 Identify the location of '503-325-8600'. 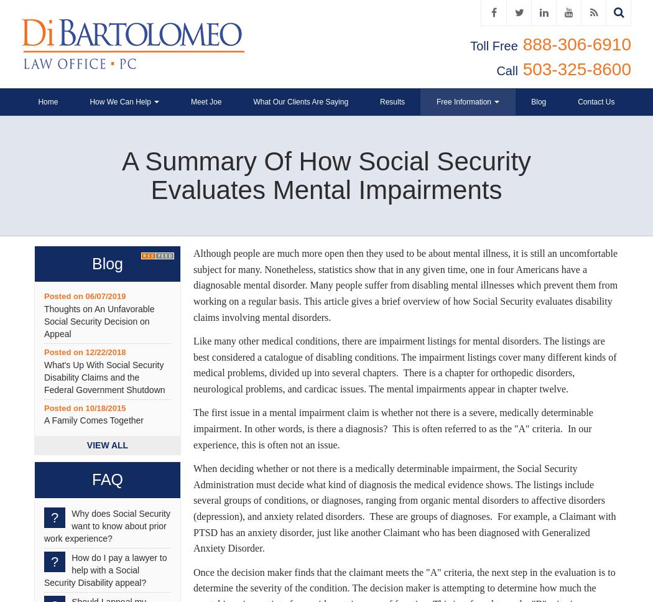
(522, 68).